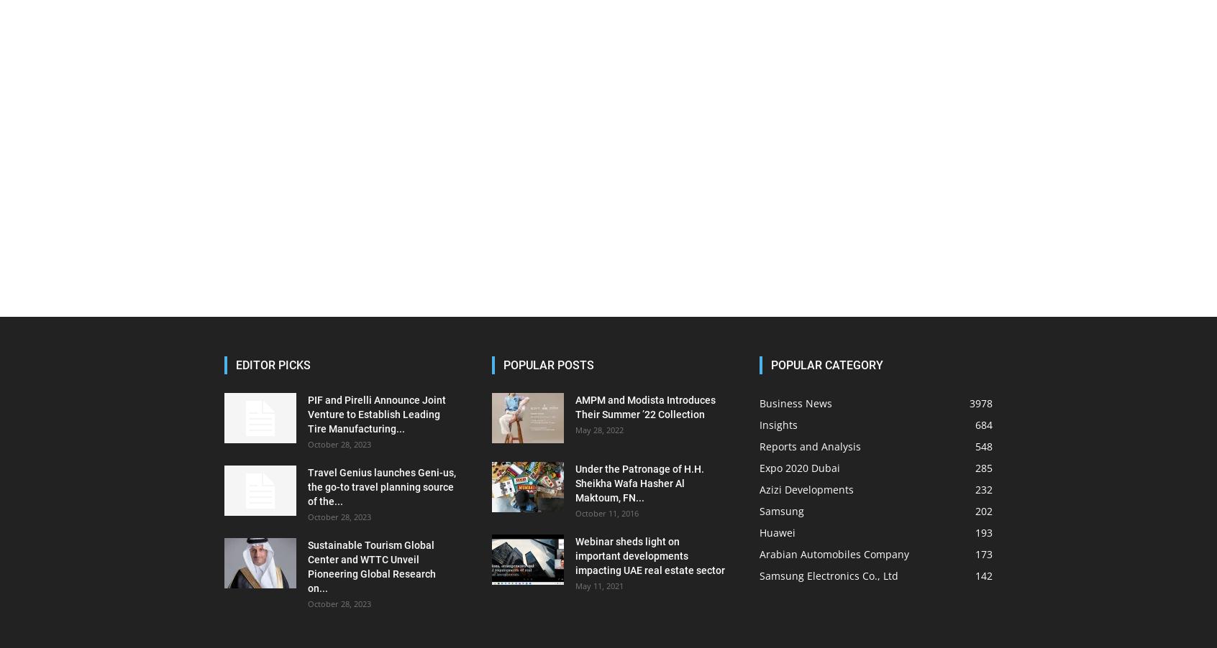 The height and width of the screenshot is (648, 1217). Describe the element at coordinates (983, 575) in the screenshot. I see `'142'` at that location.